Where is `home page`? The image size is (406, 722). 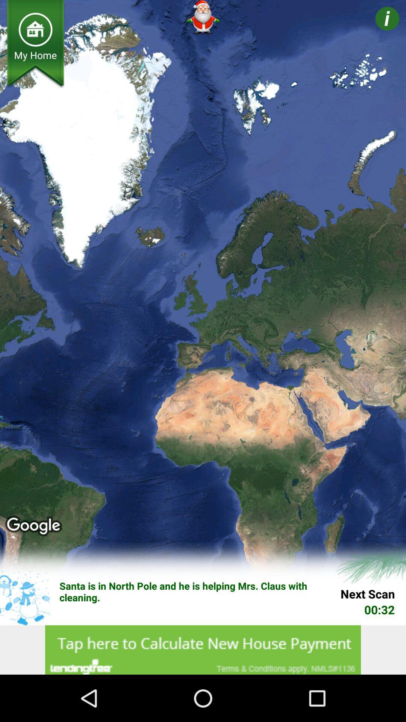
home page is located at coordinates (35, 29).